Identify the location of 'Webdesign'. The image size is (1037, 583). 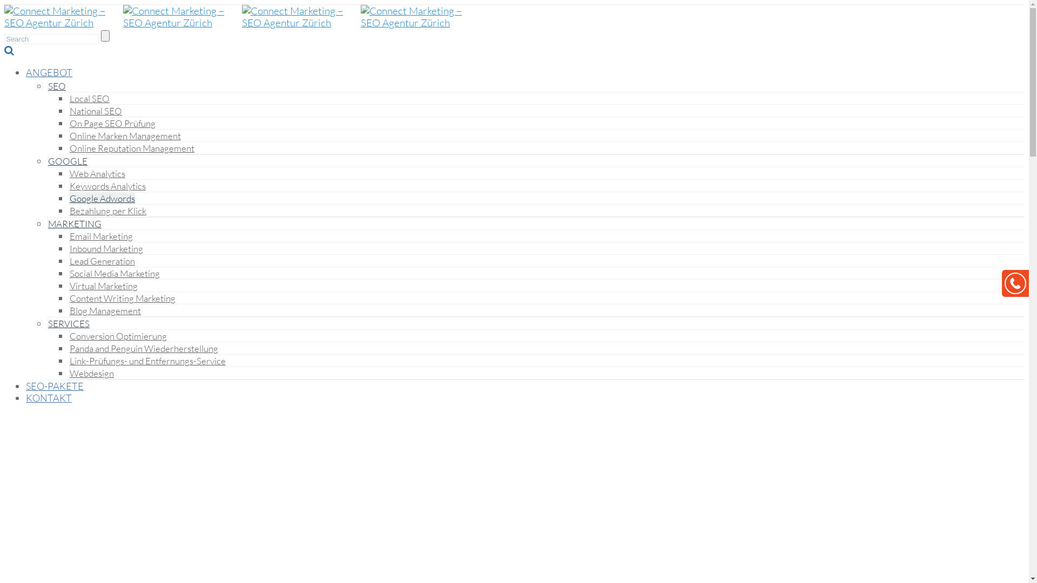
(69, 372).